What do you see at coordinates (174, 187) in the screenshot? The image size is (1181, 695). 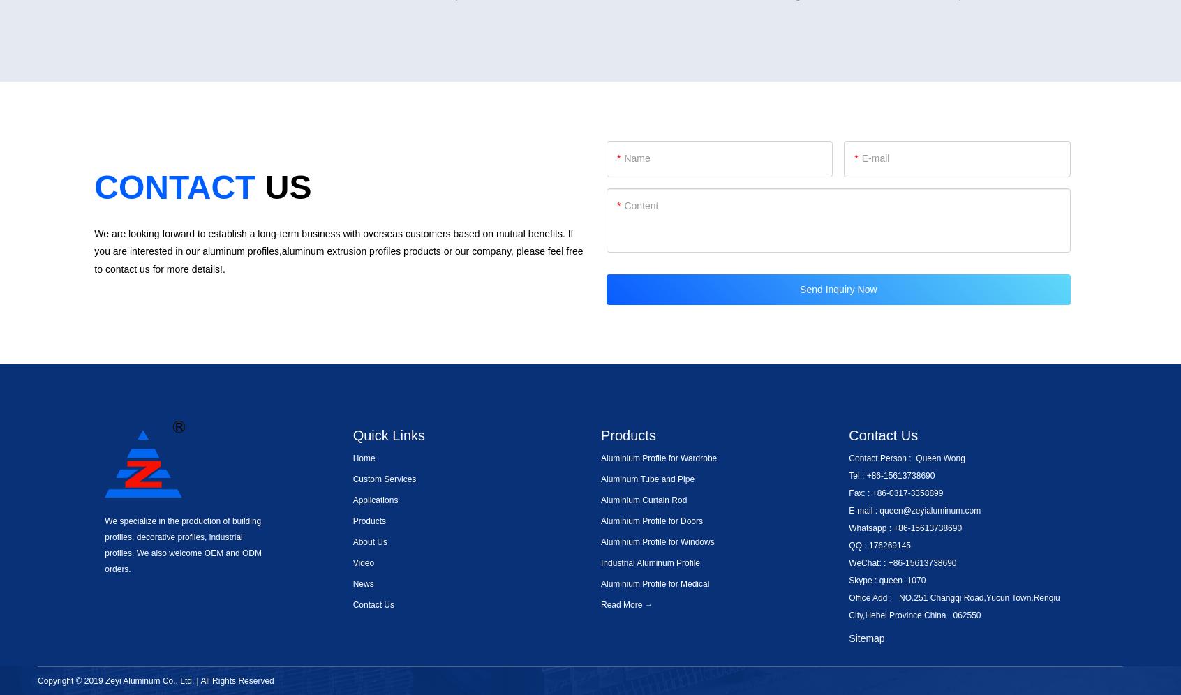 I see `'CONTACT'` at bounding box center [174, 187].